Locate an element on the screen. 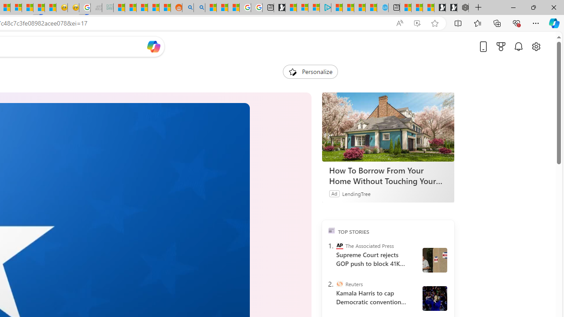 Image resolution: width=564 pixels, height=317 pixels. ' Harris and Walz campaign in Wisconsin' is located at coordinates (434, 298).